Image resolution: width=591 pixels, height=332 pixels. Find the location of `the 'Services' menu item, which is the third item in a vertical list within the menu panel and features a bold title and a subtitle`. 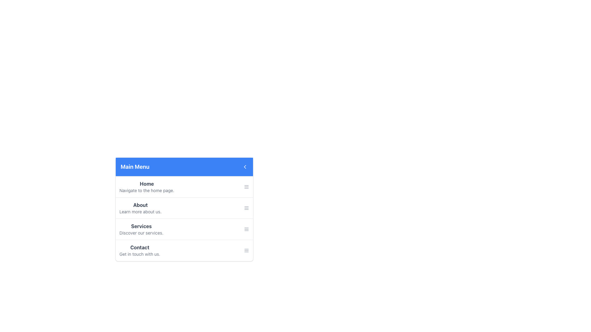

the 'Services' menu item, which is the third item in a vertical list within the menu panel and features a bold title and a subtitle is located at coordinates (184, 229).